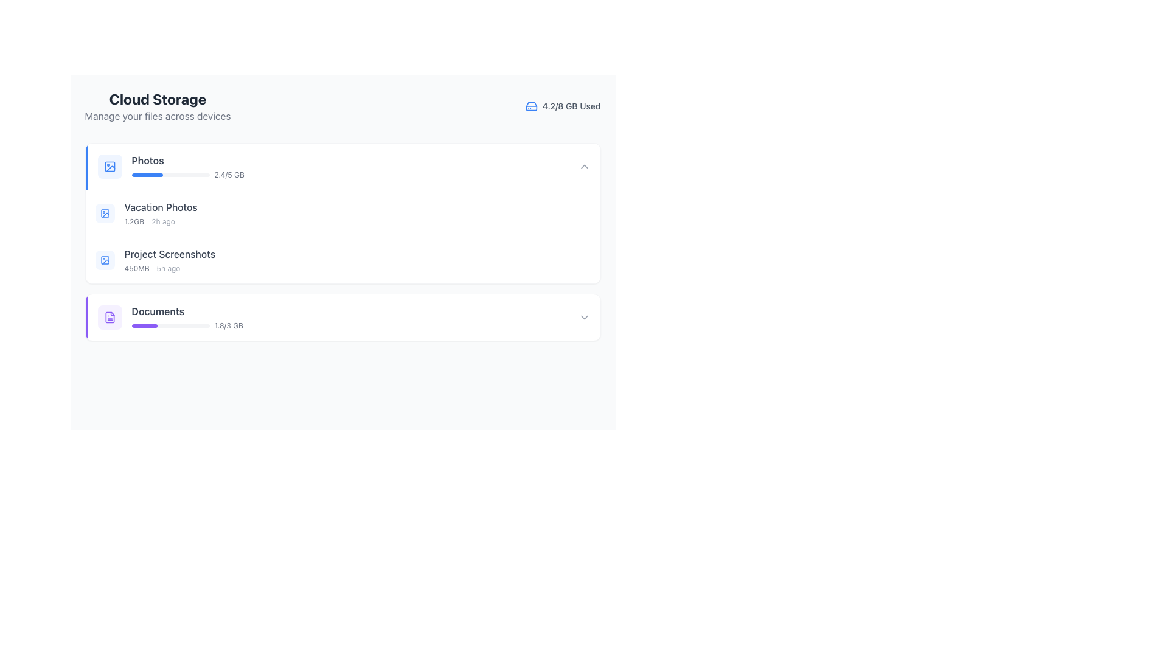 This screenshot has width=1168, height=657. Describe the element at coordinates (105, 260) in the screenshot. I see `the Icon with decorative background style` at that location.